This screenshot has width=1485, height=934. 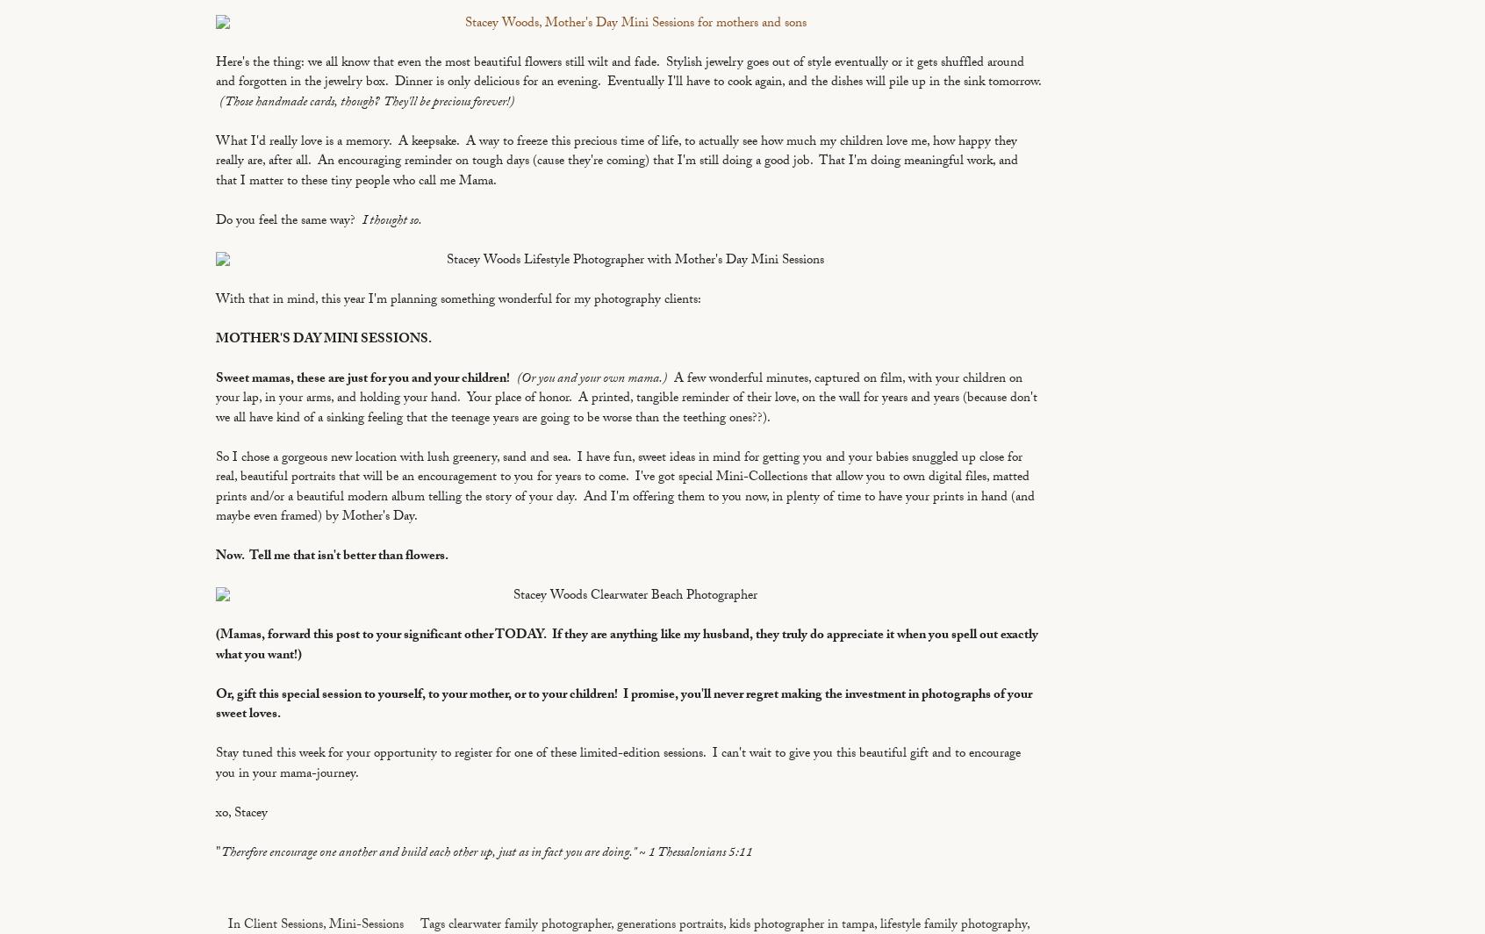 What do you see at coordinates (488, 852) in the screenshot?
I see `'Therefore encourage one another and build each other up, just as in fact you are doing." ~ 1 Thessalonians 5:11'` at bounding box center [488, 852].